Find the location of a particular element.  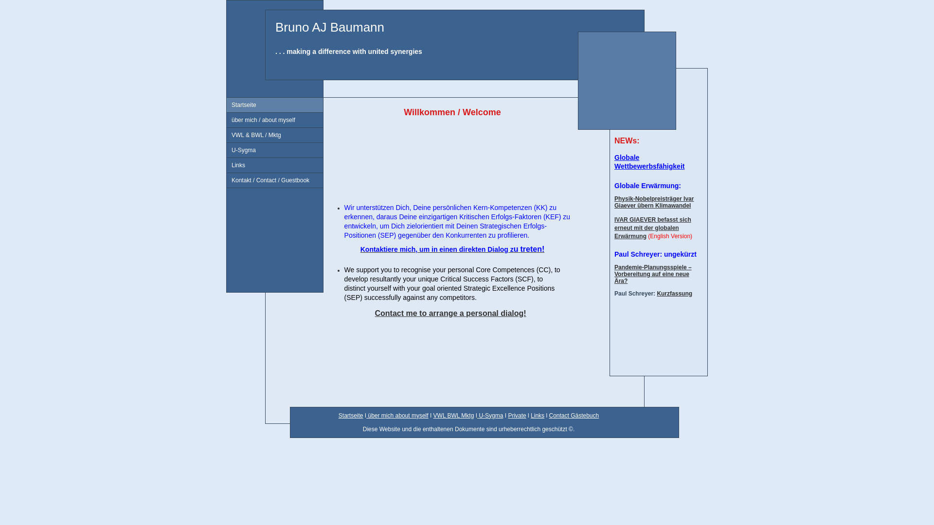

'Contact me to arrange a personal dialog!' is located at coordinates (450, 313).